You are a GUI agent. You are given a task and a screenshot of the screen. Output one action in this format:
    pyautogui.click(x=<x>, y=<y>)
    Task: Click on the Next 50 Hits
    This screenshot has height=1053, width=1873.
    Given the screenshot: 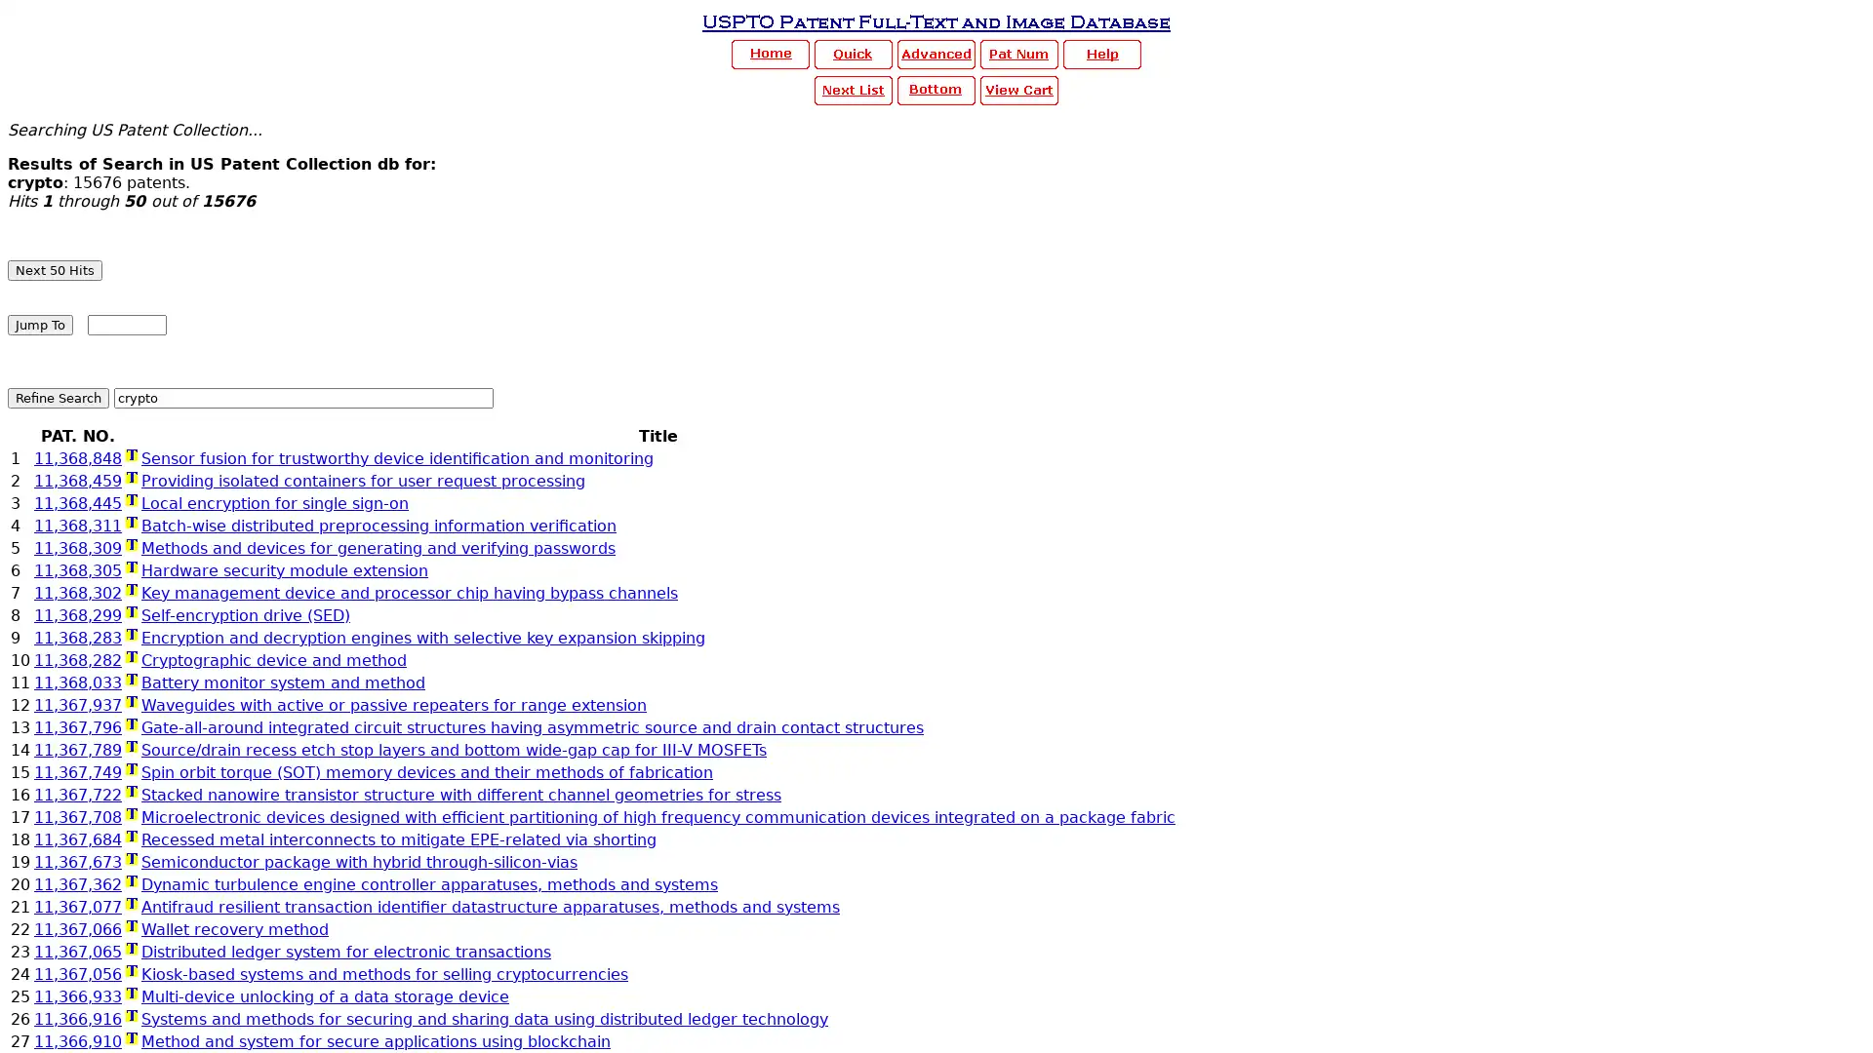 What is the action you would take?
    pyautogui.click(x=55, y=270)
    